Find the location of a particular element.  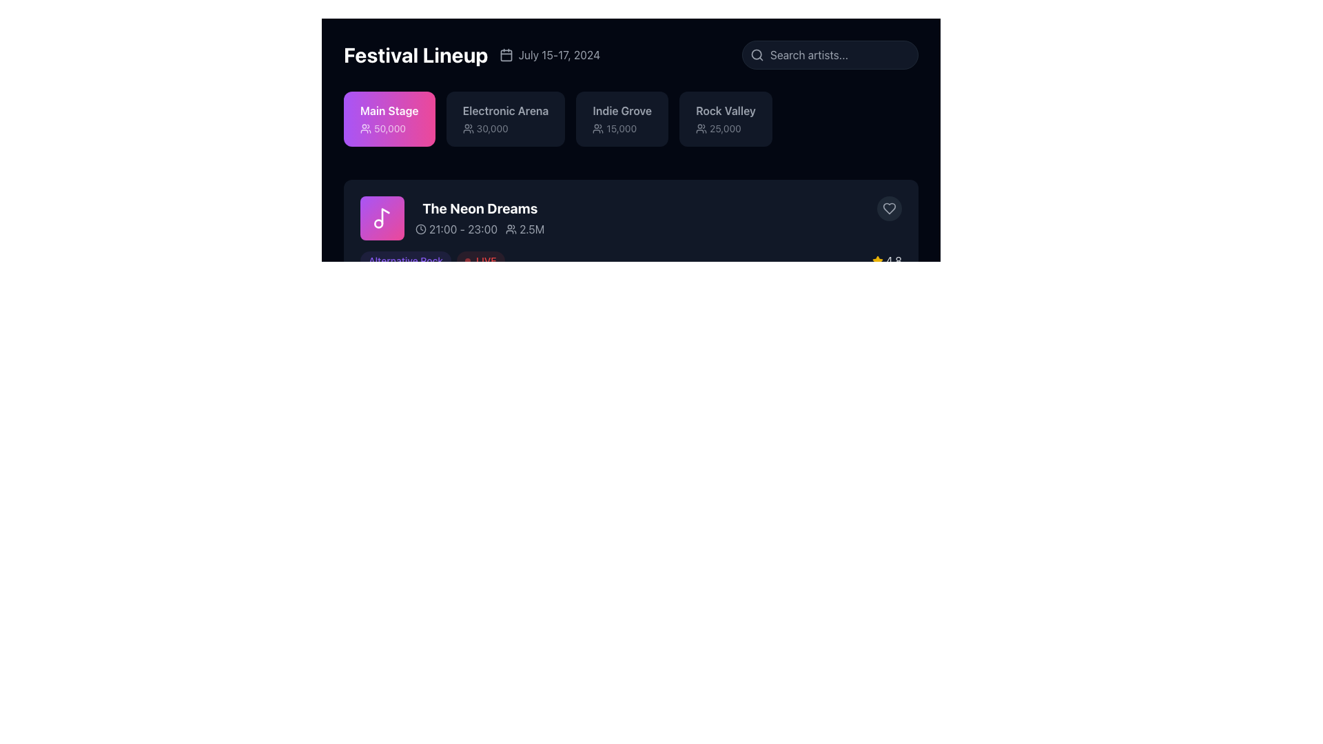

the main heading text label that introduces the section, located prominently at the upper left of its containing component is located at coordinates (415, 54).